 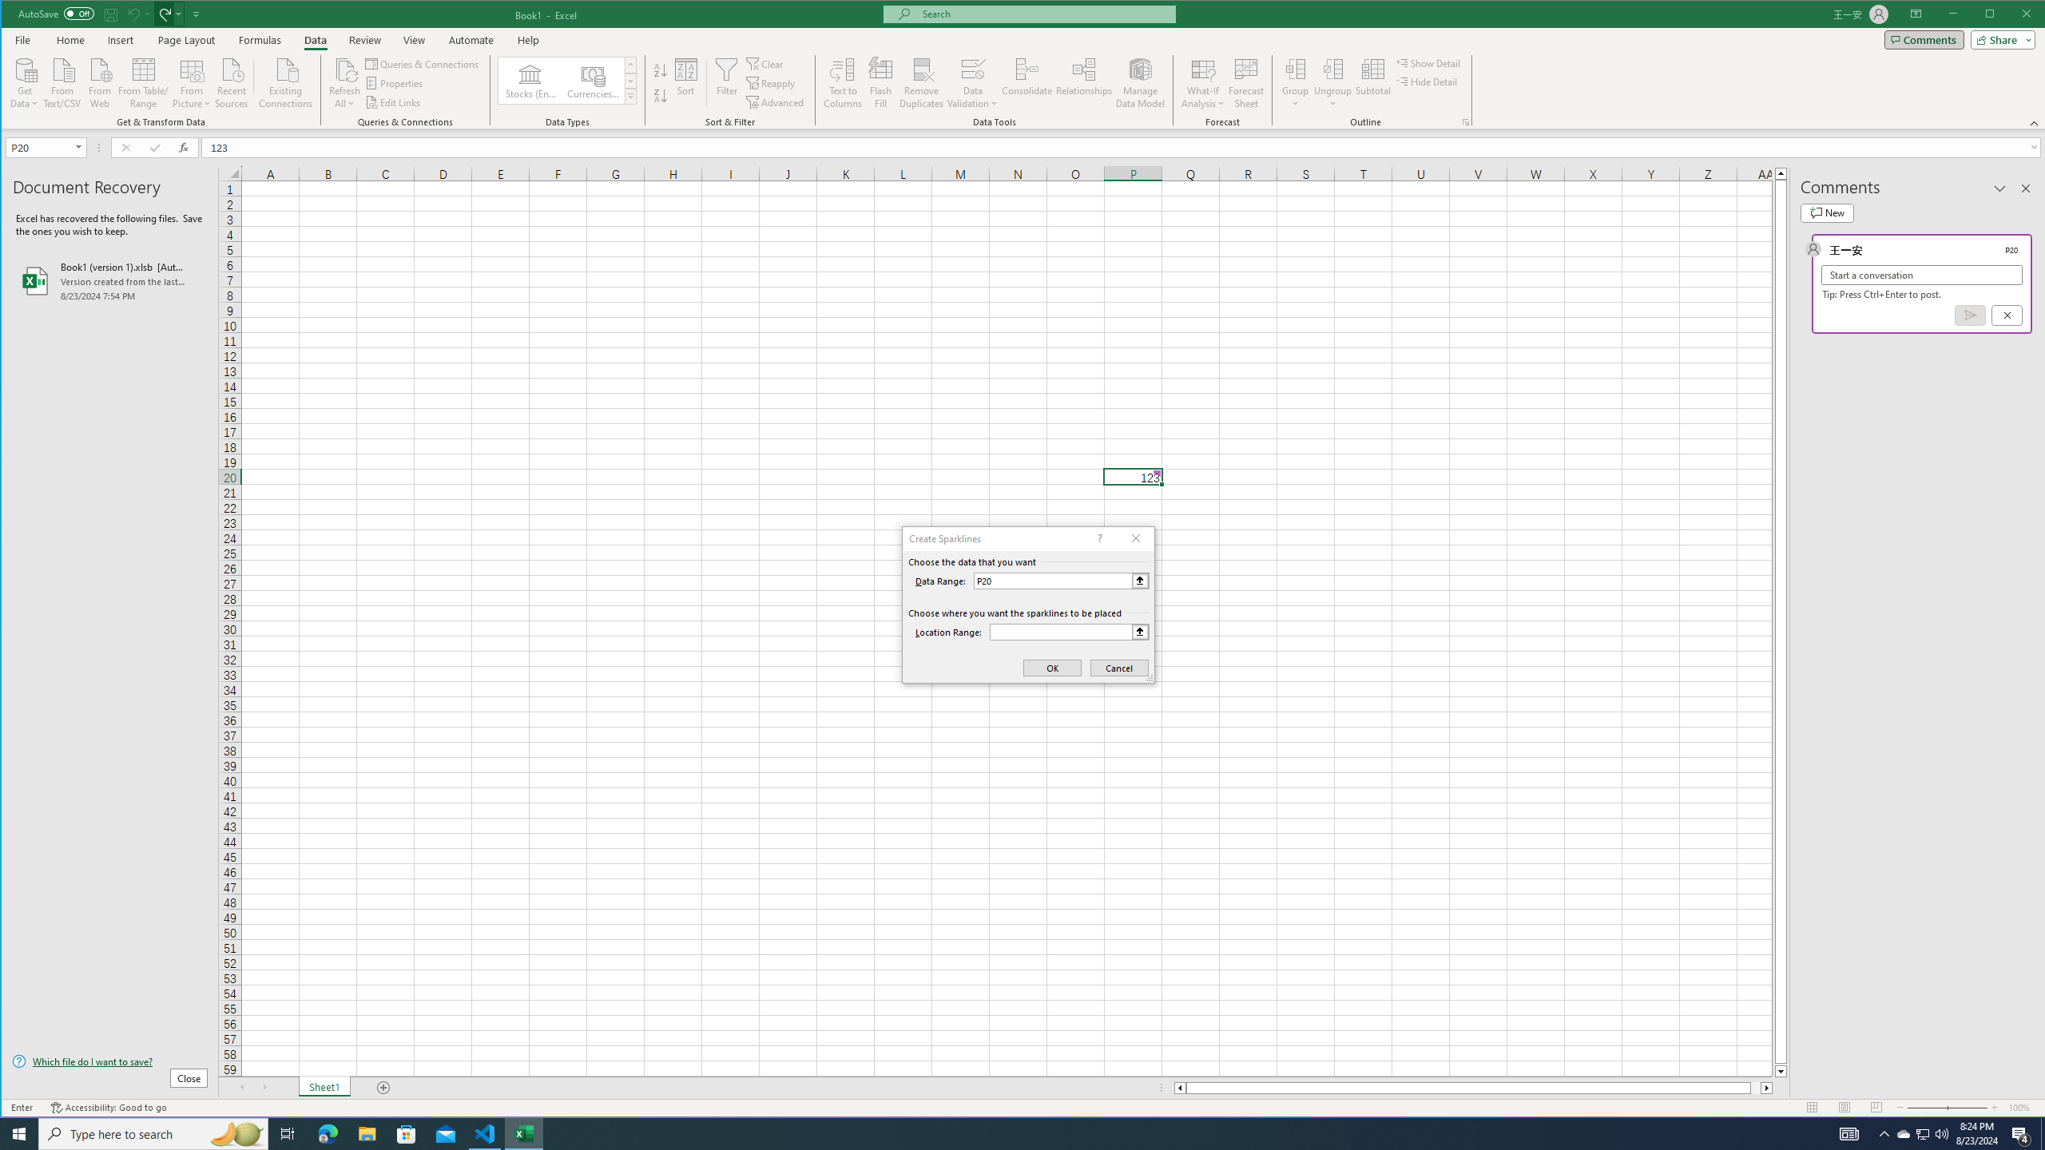 I want to click on 'Clear', so click(x=766, y=64).